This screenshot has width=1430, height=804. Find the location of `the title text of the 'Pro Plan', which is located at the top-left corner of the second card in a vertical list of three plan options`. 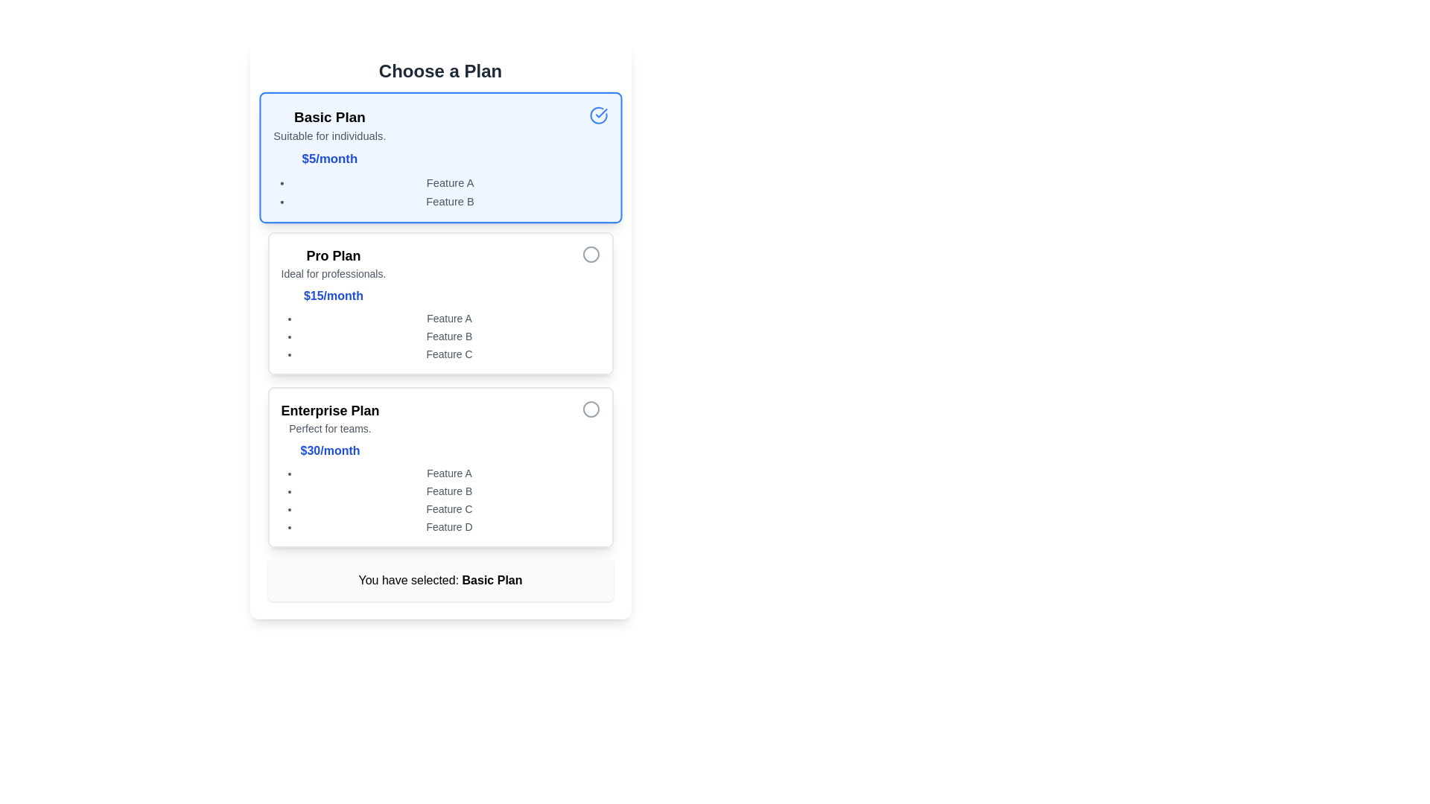

the title text of the 'Pro Plan', which is located at the top-left corner of the second card in a vertical list of three plan options is located at coordinates (332, 255).